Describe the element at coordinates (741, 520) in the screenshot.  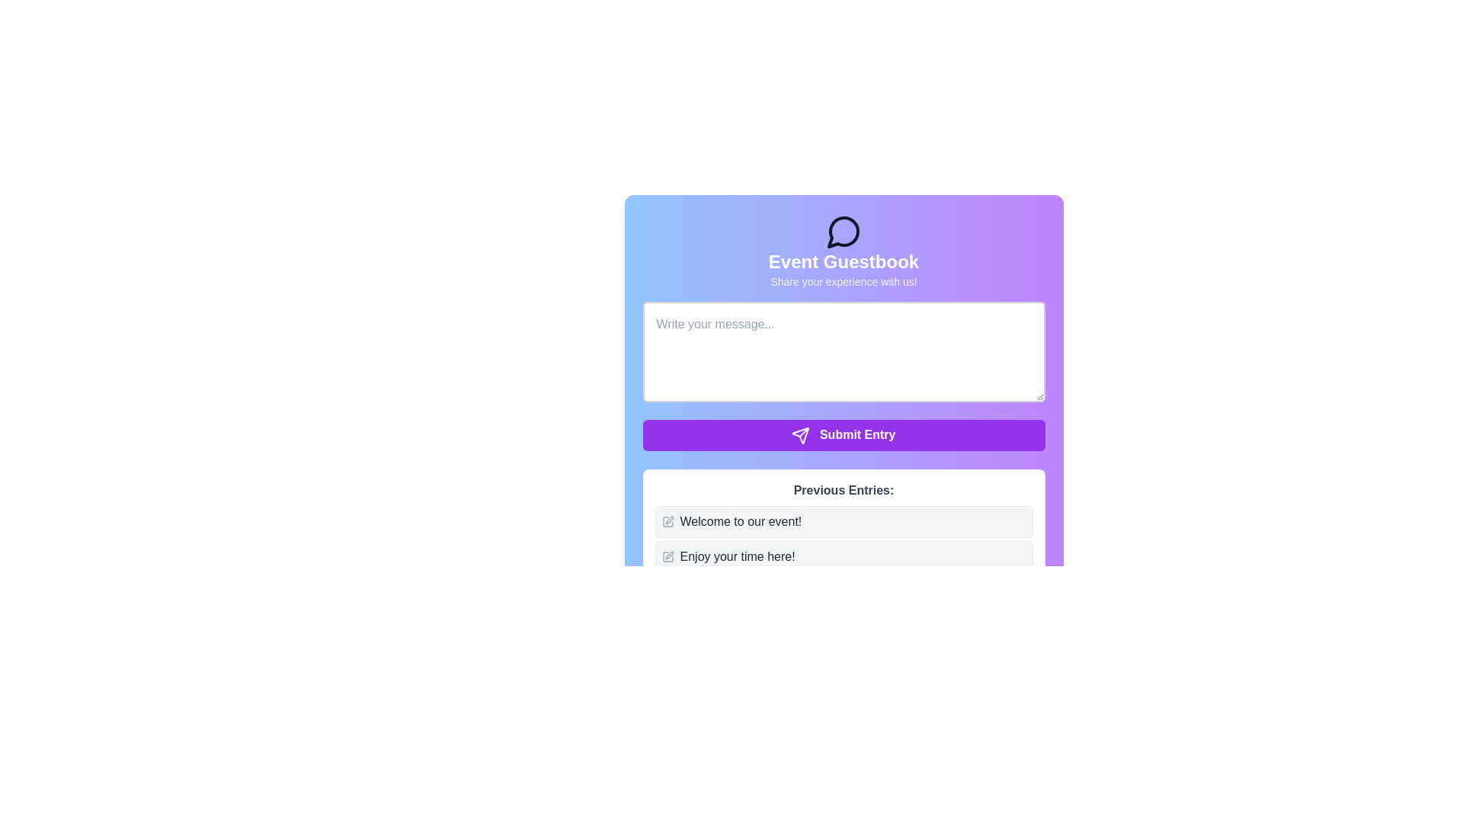
I see `the text label reading 'Welcome to our event!' which is part of the 'Previous Entries' section, positioned below the 'Submit Entry' button` at that location.